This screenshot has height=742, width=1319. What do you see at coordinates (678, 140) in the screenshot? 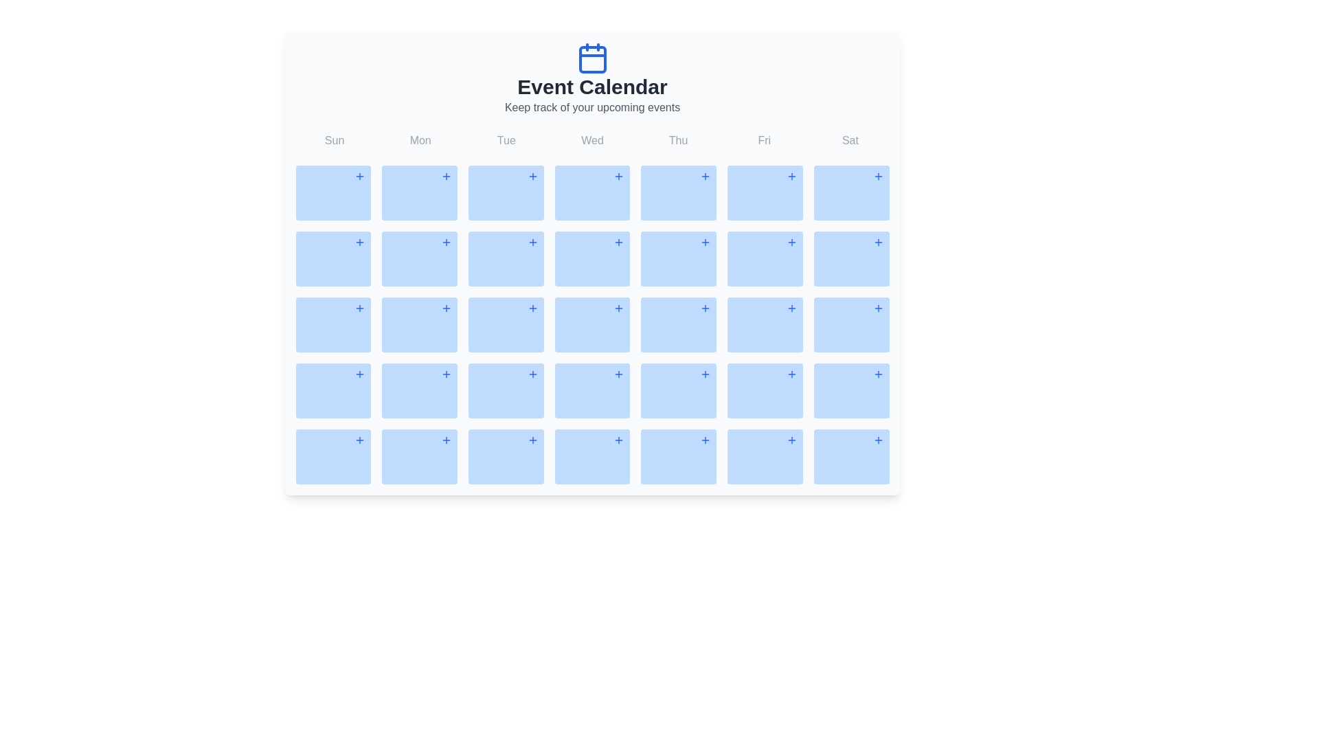
I see `the text label representing the abbreviation 'Thu', which is styled with a gray font color and centered alignment, located in the fifth column of day abbreviations in the calendar interface` at bounding box center [678, 140].